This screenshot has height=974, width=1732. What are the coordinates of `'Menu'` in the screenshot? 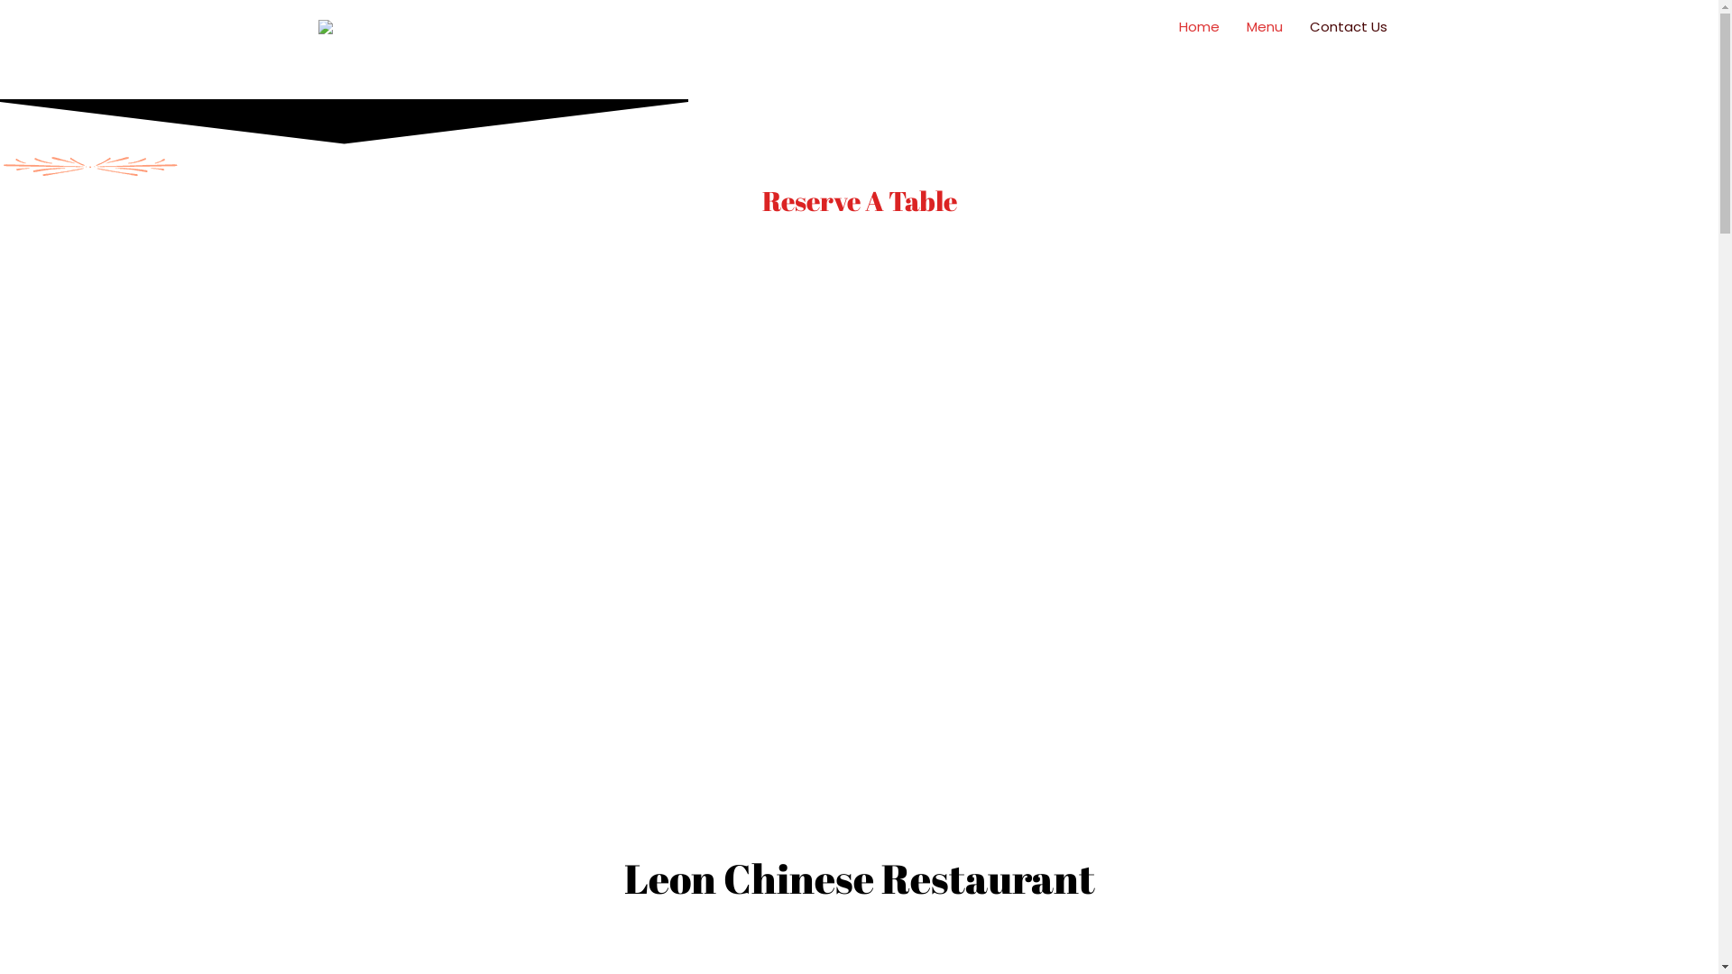 It's located at (1263, 27).